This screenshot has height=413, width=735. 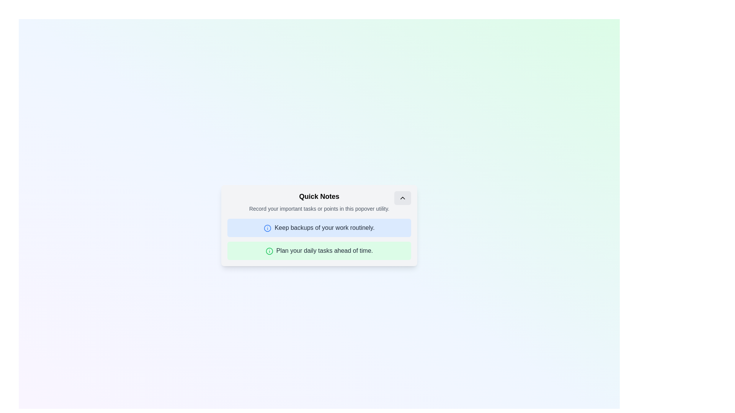 I want to click on the informational item providing tips about keeping backups, located in the 'Quick Notes' popover, which is the first item listed below the header, so click(x=319, y=225).